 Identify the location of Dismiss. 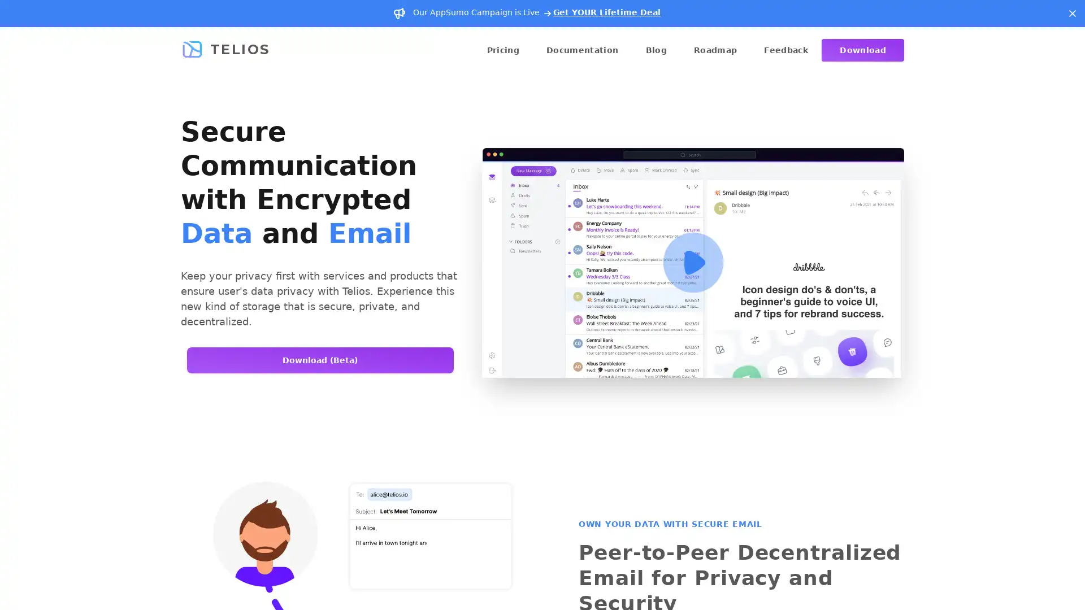
(1071, 13).